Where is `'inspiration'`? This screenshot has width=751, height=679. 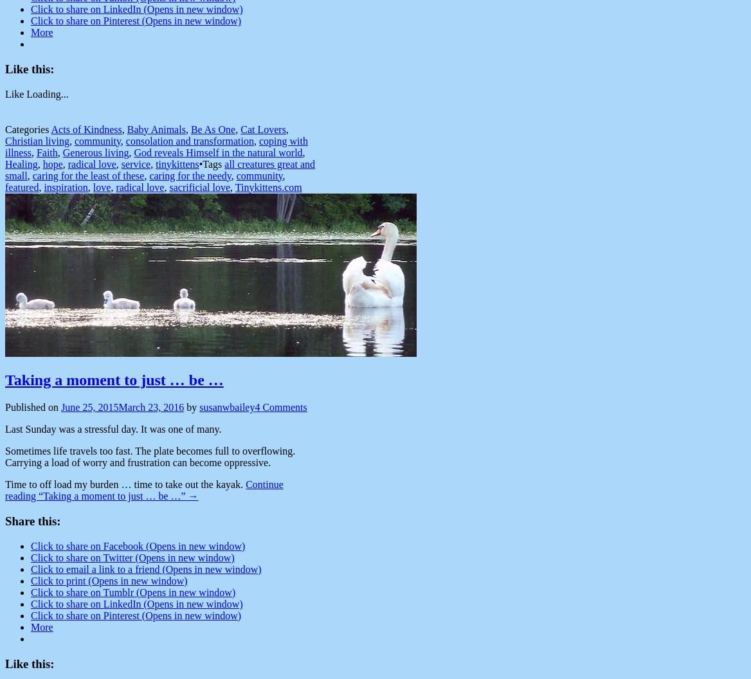
'inspiration' is located at coordinates (64, 186).